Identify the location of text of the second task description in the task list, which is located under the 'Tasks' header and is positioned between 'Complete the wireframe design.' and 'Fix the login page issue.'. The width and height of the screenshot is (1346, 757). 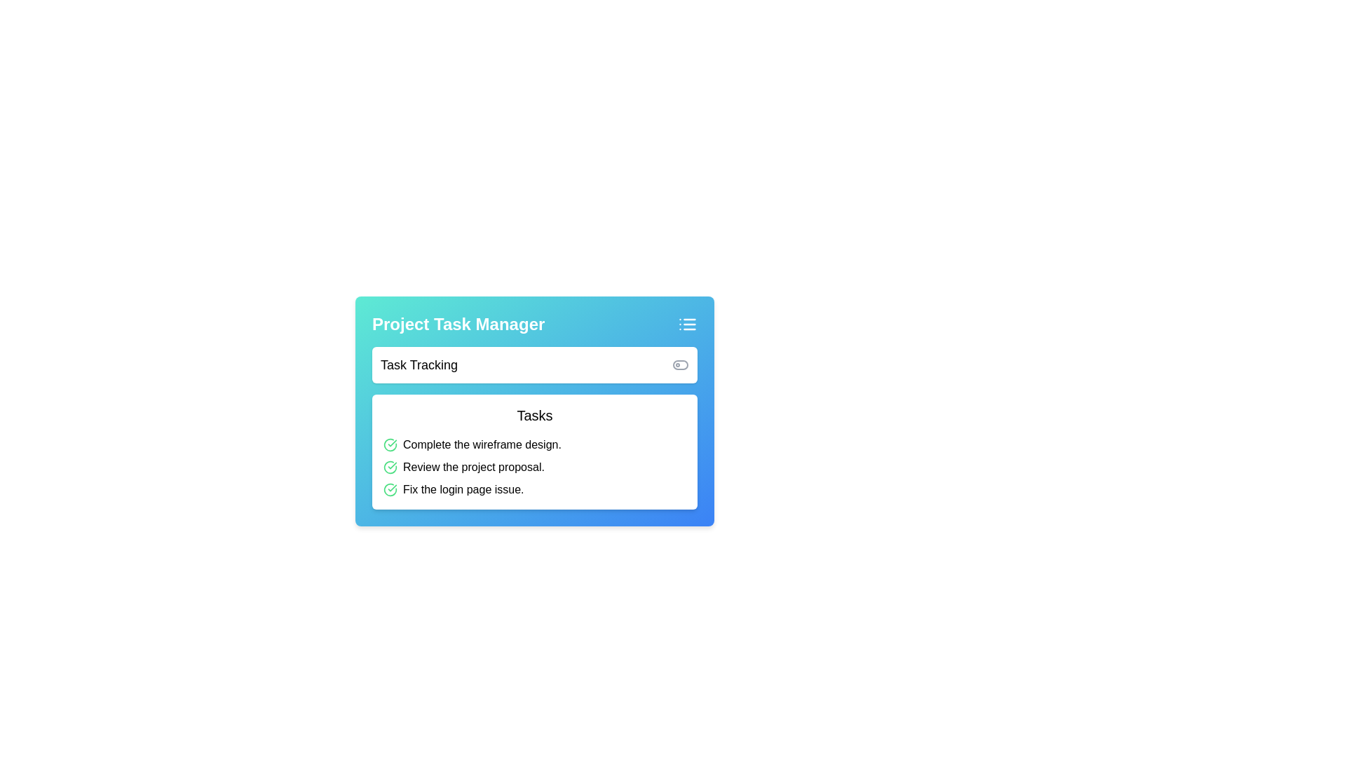
(474, 468).